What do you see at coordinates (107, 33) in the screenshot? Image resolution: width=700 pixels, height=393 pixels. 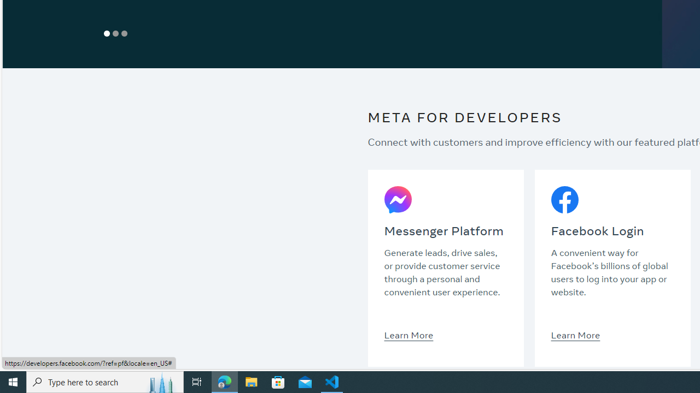 I see `'Show Slide 1'` at bounding box center [107, 33].